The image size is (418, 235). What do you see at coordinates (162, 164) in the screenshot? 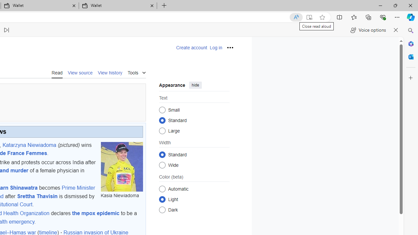
I see `'Wide'` at bounding box center [162, 164].